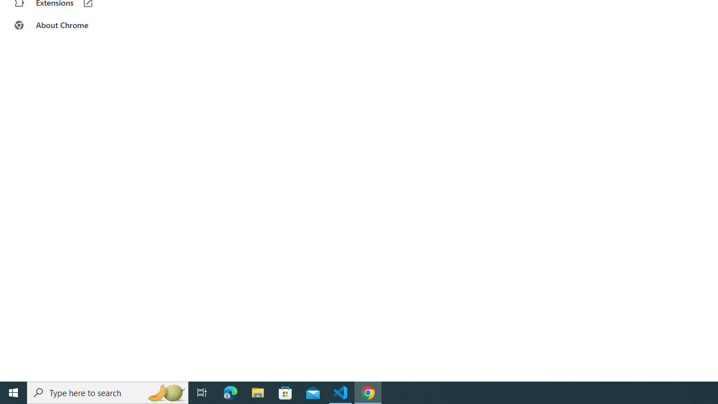 The width and height of the screenshot is (718, 404). What do you see at coordinates (340, 392) in the screenshot?
I see `'Visual Studio Code - 1 running window'` at bounding box center [340, 392].